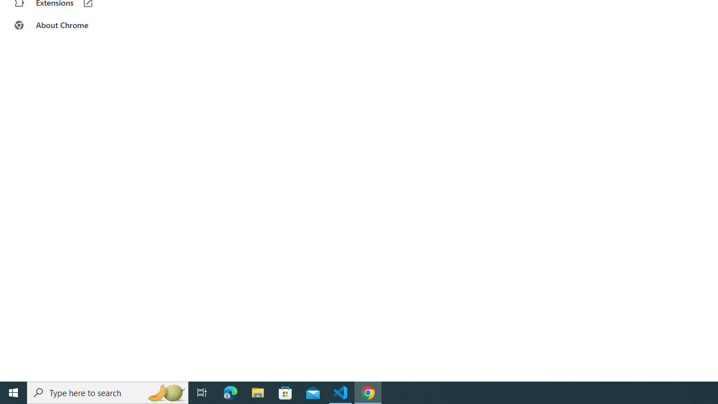 The width and height of the screenshot is (718, 404). What do you see at coordinates (340, 392) in the screenshot?
I see `'Visual Studio Code - 1 running window'` at bounding box center [340, 392].